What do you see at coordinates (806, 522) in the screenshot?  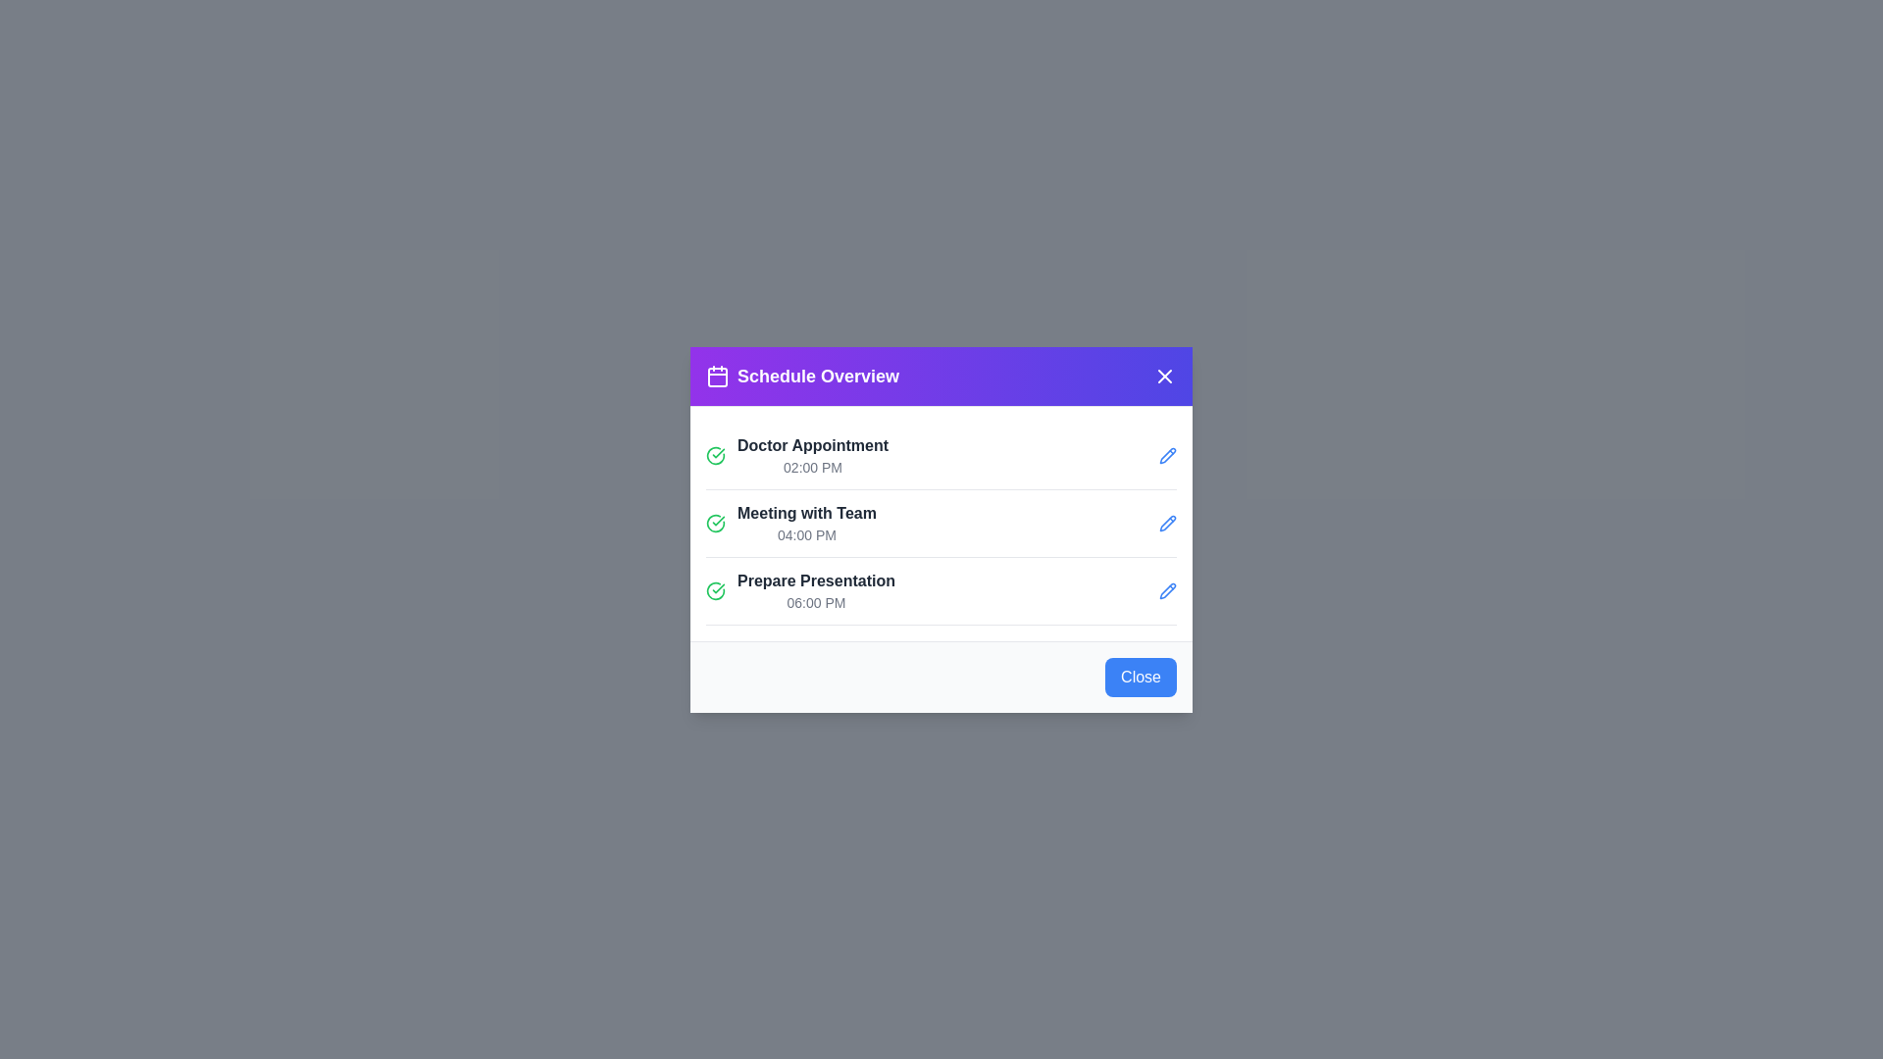 I see `information displayed in the Text Display element showing 'Meeting with Team' and '04:00 PM' which is located between 'Doctor Appointment' and 'Prepare Presentation' in the scheduled tasks list` at bounding box center [806, 522].